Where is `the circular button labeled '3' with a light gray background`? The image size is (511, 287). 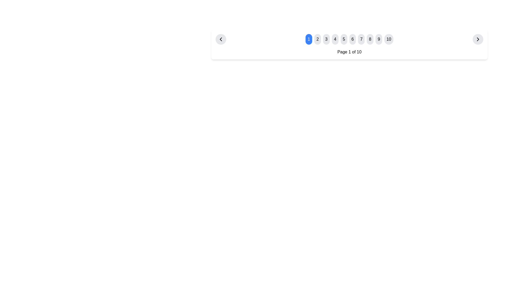 the circular button labeled '3' with a light gray background is located at coordinates (326, 39).